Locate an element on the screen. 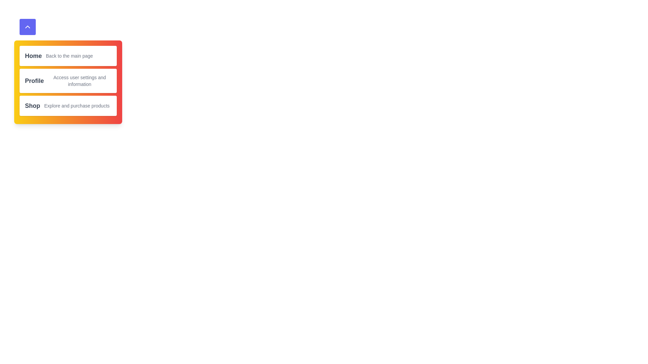 Image resolution: width=648 pixels, height=364 pixels. the menu item corresponding to Profile is located at coordinates (68, 80).